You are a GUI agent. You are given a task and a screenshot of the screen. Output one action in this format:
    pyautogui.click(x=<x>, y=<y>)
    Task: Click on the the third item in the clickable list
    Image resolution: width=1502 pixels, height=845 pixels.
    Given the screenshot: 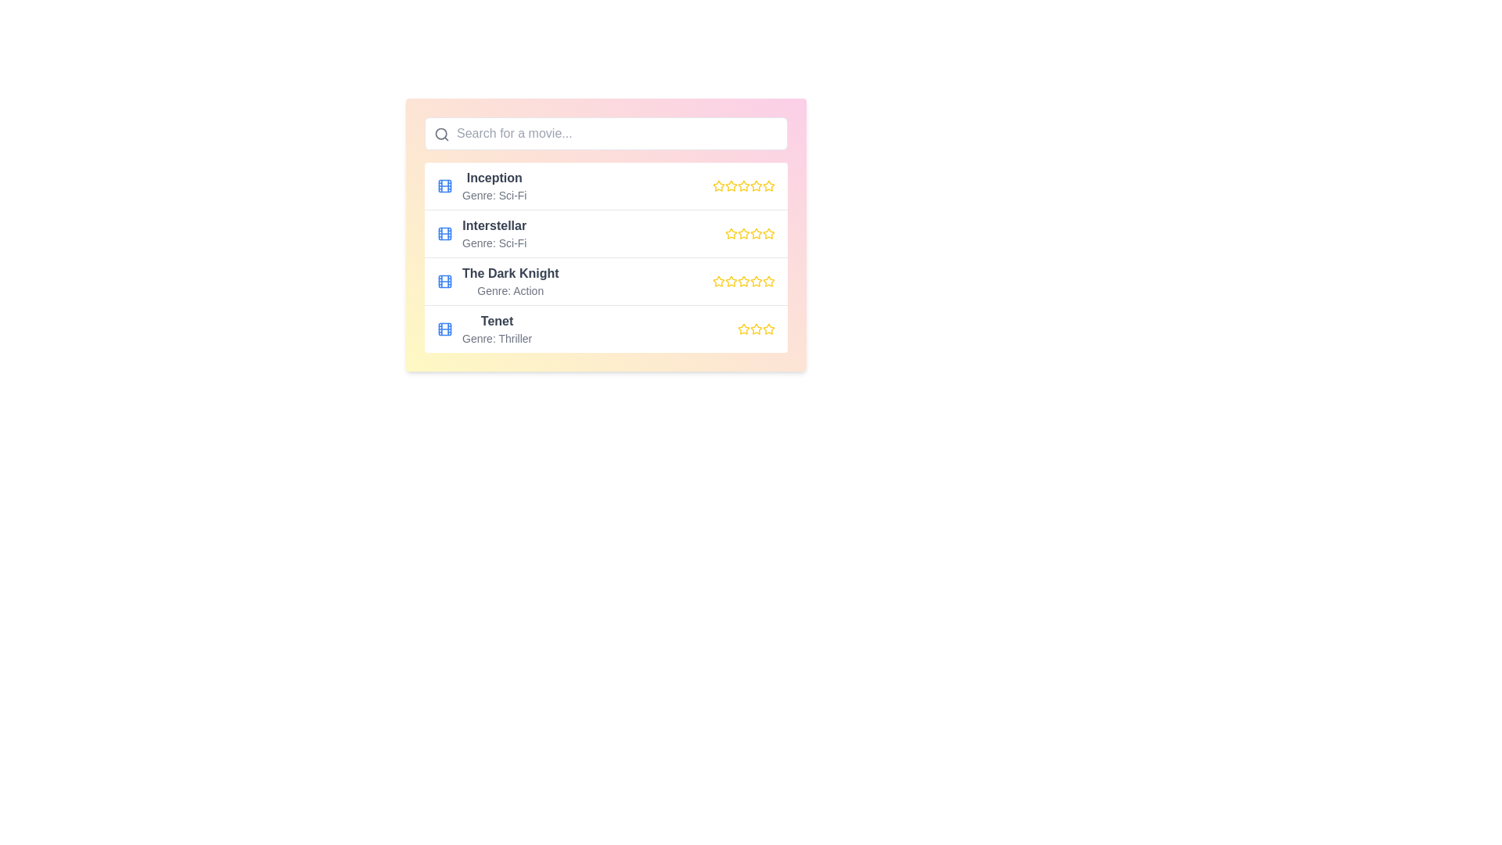 What is the action you would take?
    pyautogui.click(x=605, y=280)
    